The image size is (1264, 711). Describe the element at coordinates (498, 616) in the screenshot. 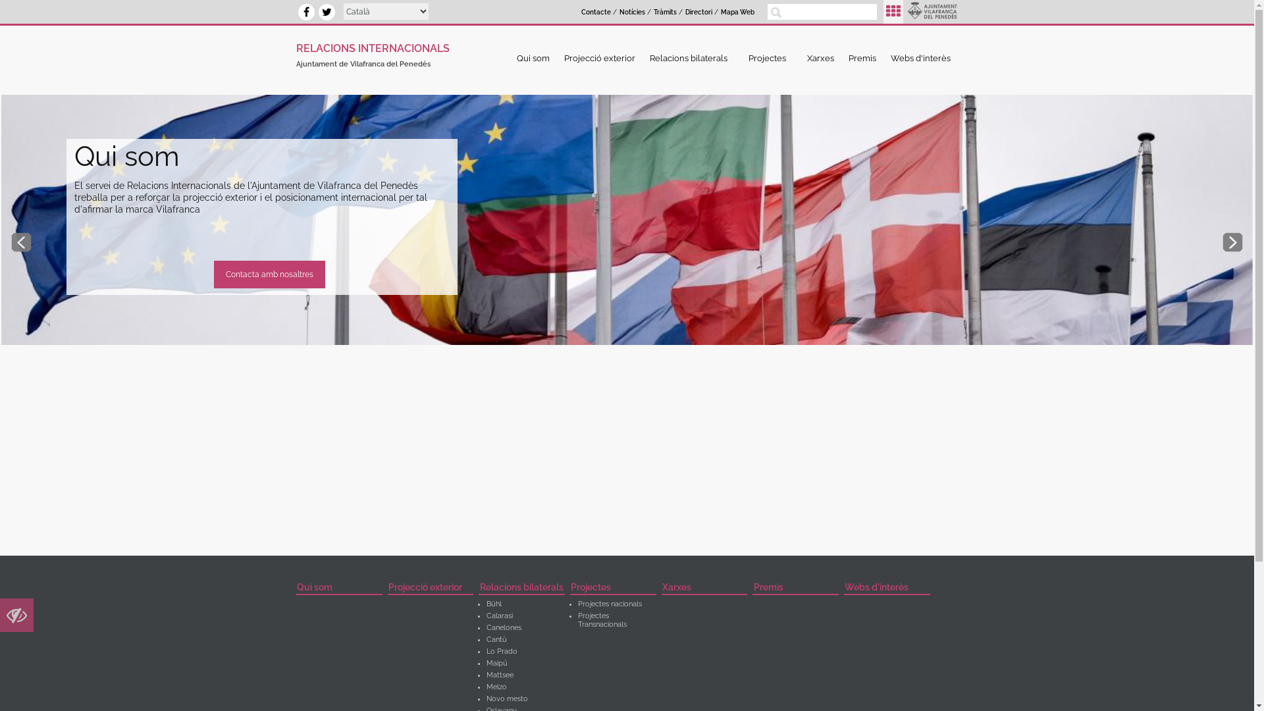

I see `'Calarasi'` at that location.